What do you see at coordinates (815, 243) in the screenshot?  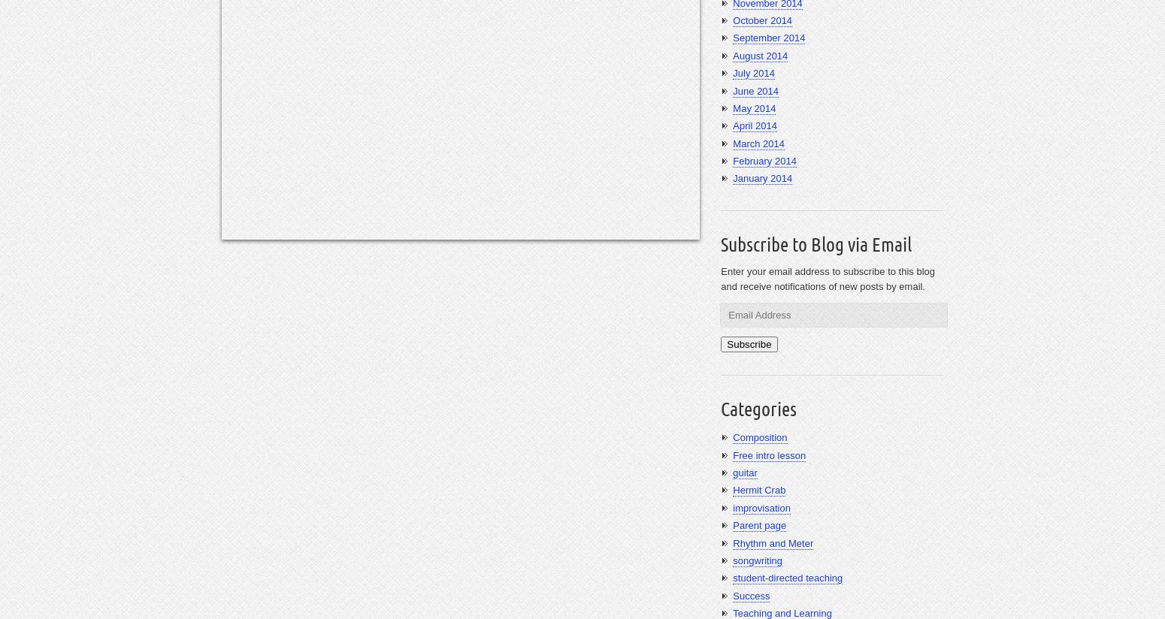 I see `'Subscribe to Blog via Email'` at bounding box center [815, 243].